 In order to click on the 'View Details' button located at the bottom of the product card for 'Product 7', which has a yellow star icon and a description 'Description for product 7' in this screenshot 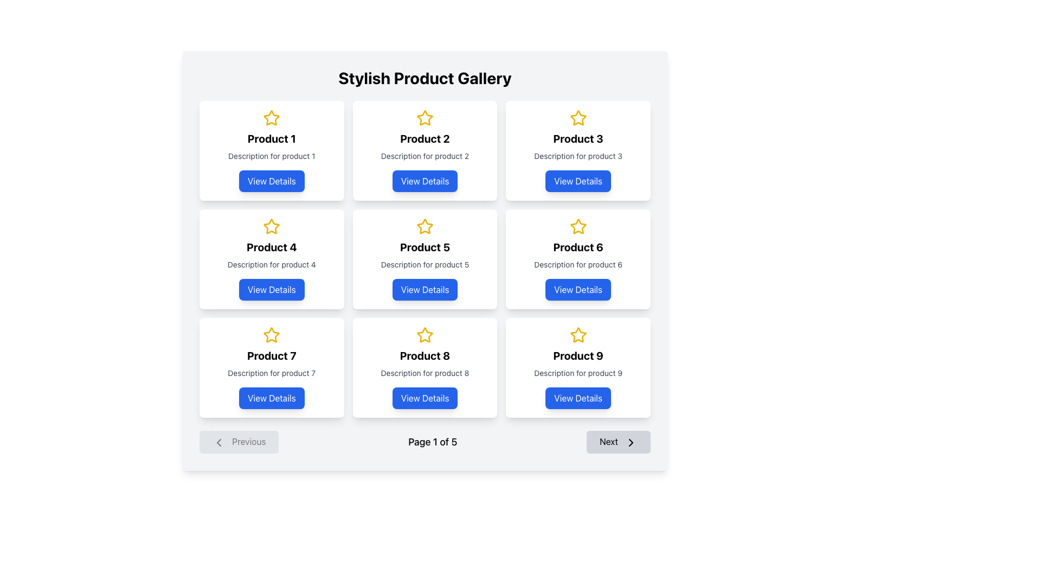, I will do `click(271, 367)`.